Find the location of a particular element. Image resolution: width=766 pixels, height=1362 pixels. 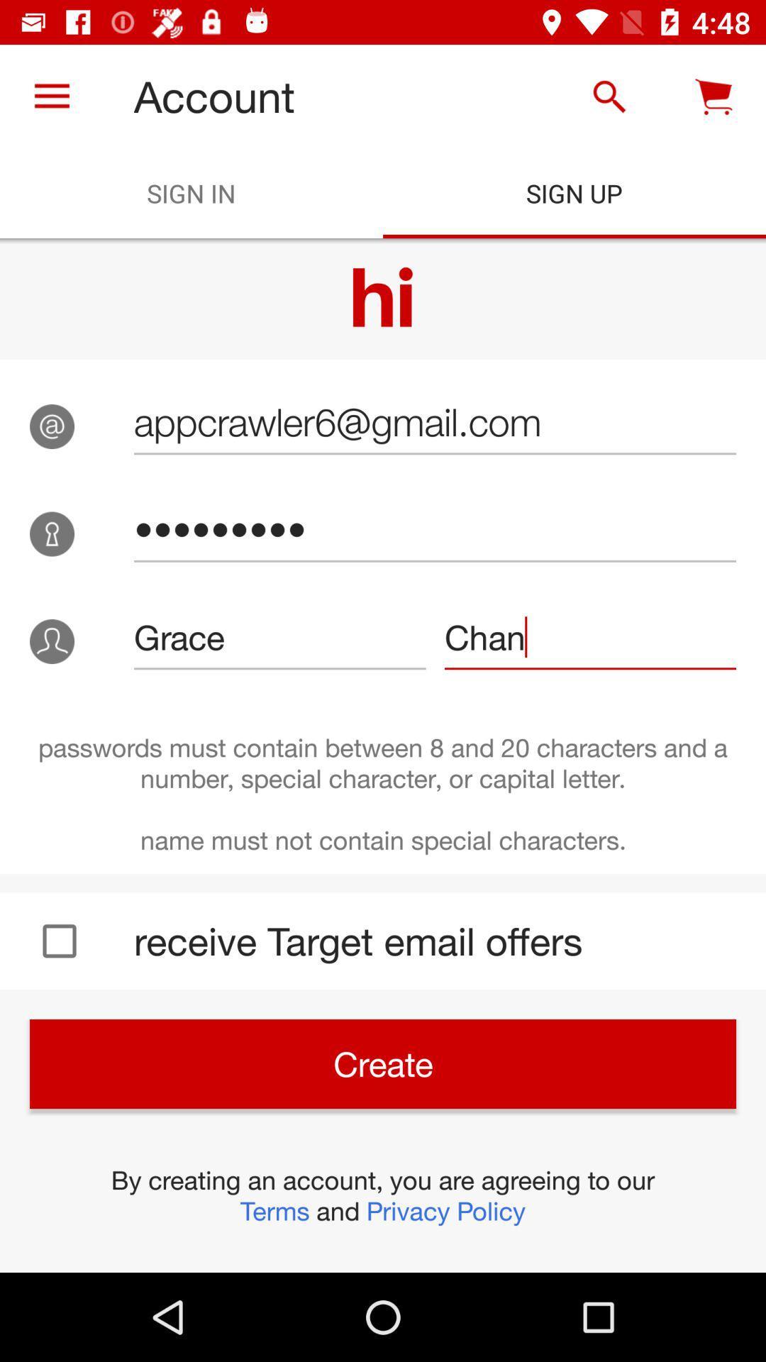

the crowd3116 icon is located at coordinates (434, 528).